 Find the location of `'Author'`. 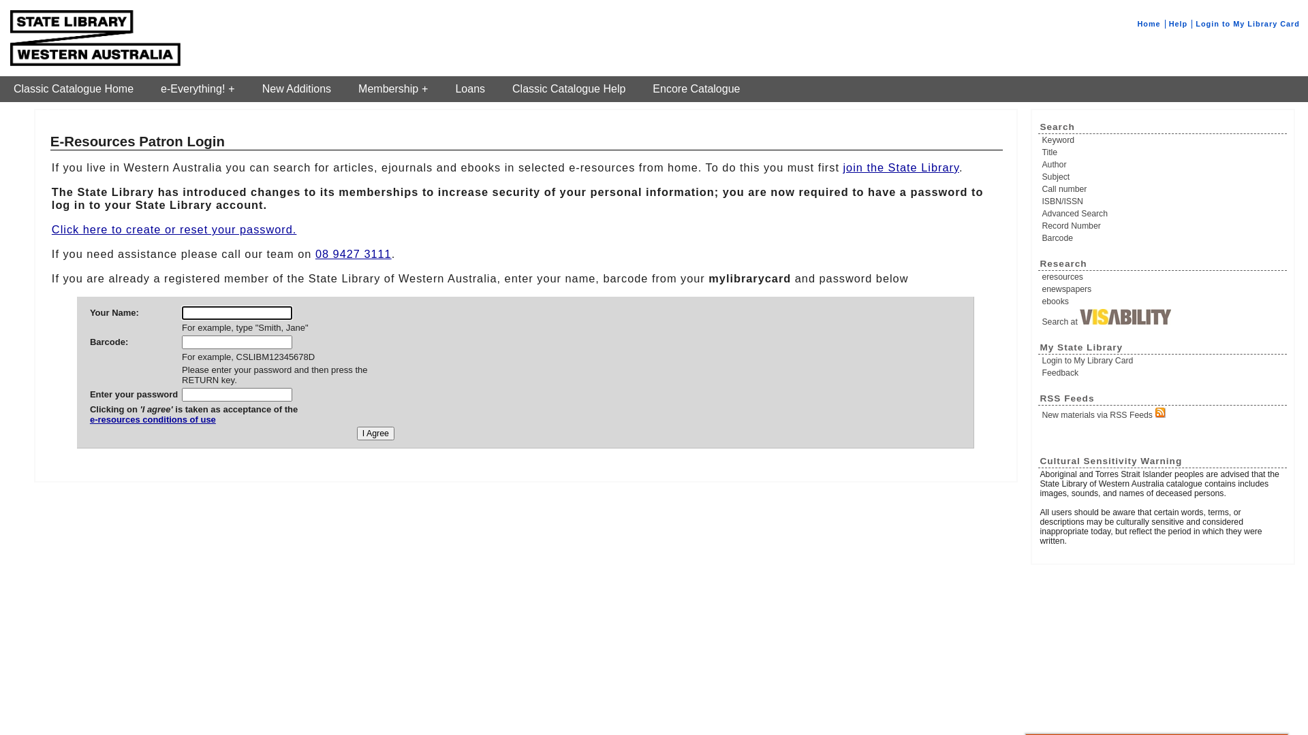

'Author' is located at coordinates (1163, 164).